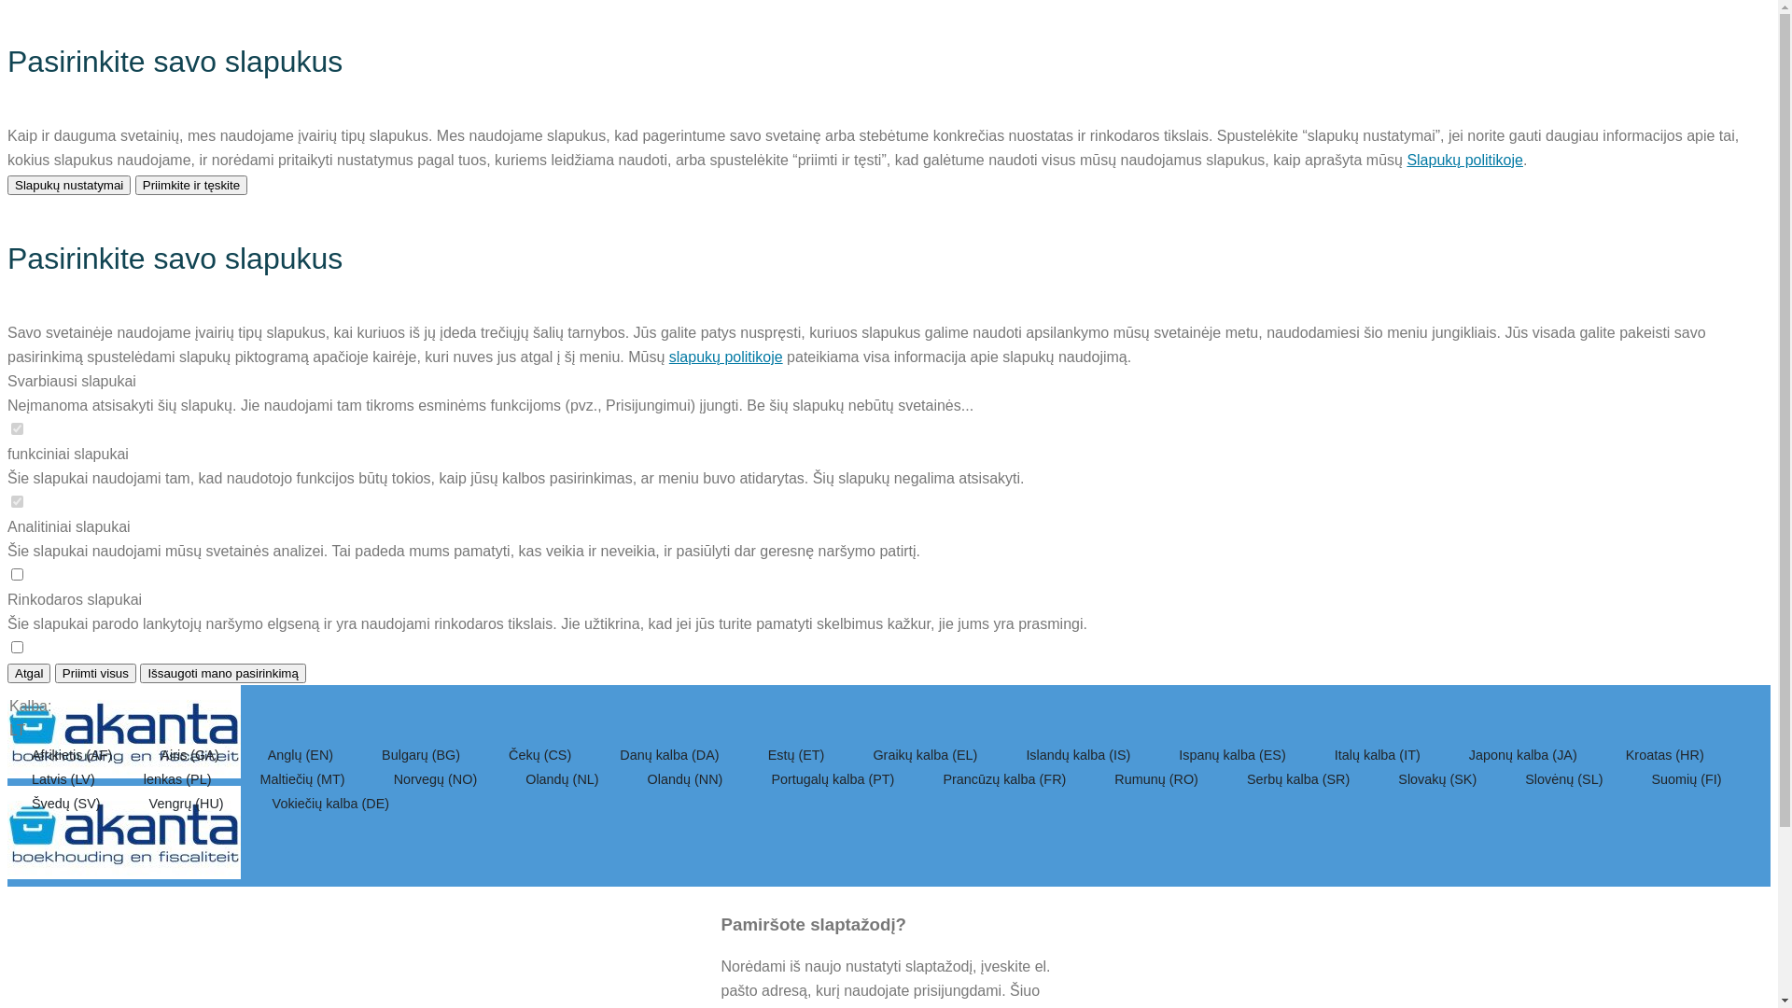 The image size is (1792, 1008). What do you see at coordinates (1665, 754) in the screenshot?
I see `'Kroatas (HR)'` at bounding box center [1665, 754].